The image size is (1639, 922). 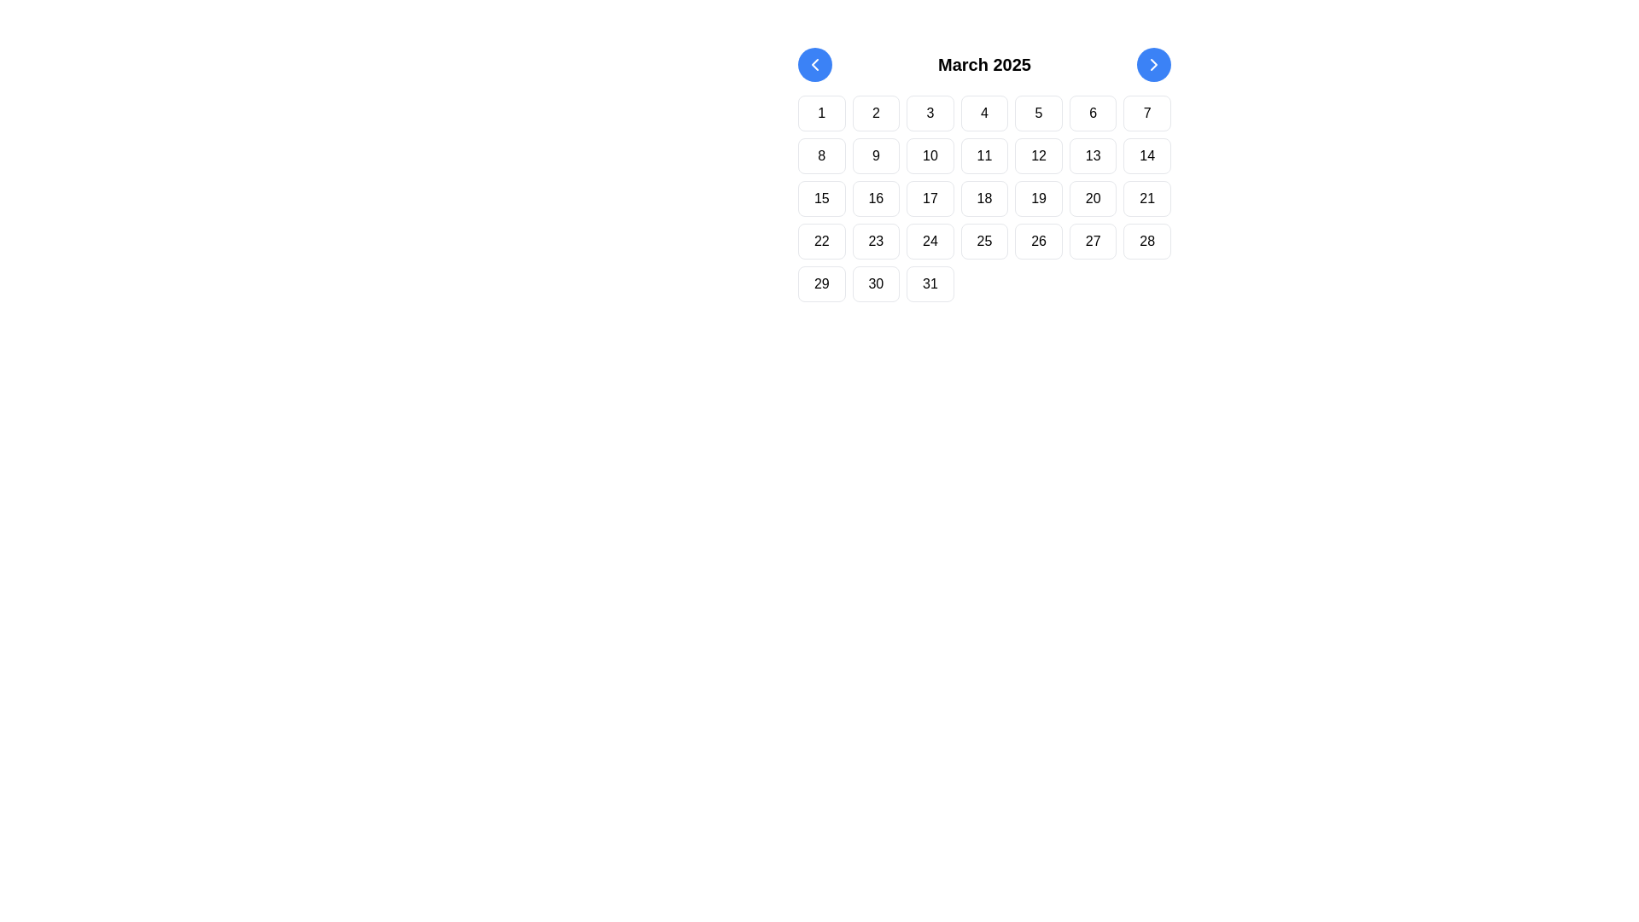 I want to click on the button representing the calendar date '31' located in the 7th column of the 5th row of the calendar layout, so click(x=929, y=283).